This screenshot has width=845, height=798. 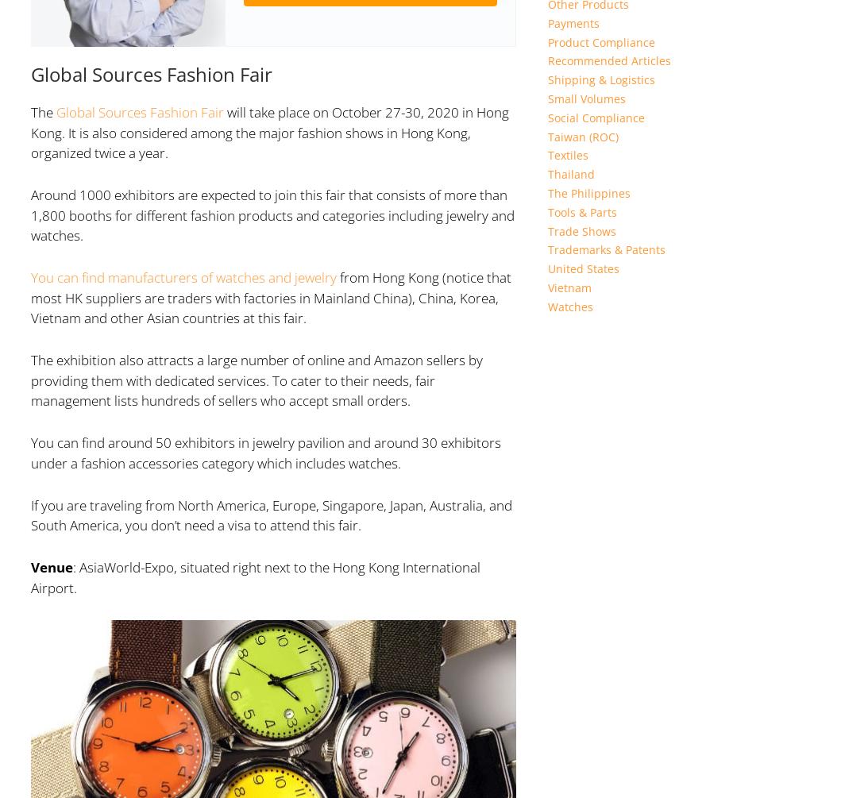 What do you see at coordinates (271, 514) in the screenshot?
I see `'If you are traveling from North America, Europe, Singapore, Japan, Australia, and South America, you don’t need a visa to attend this fair.'` at bounding box center [271, 514].